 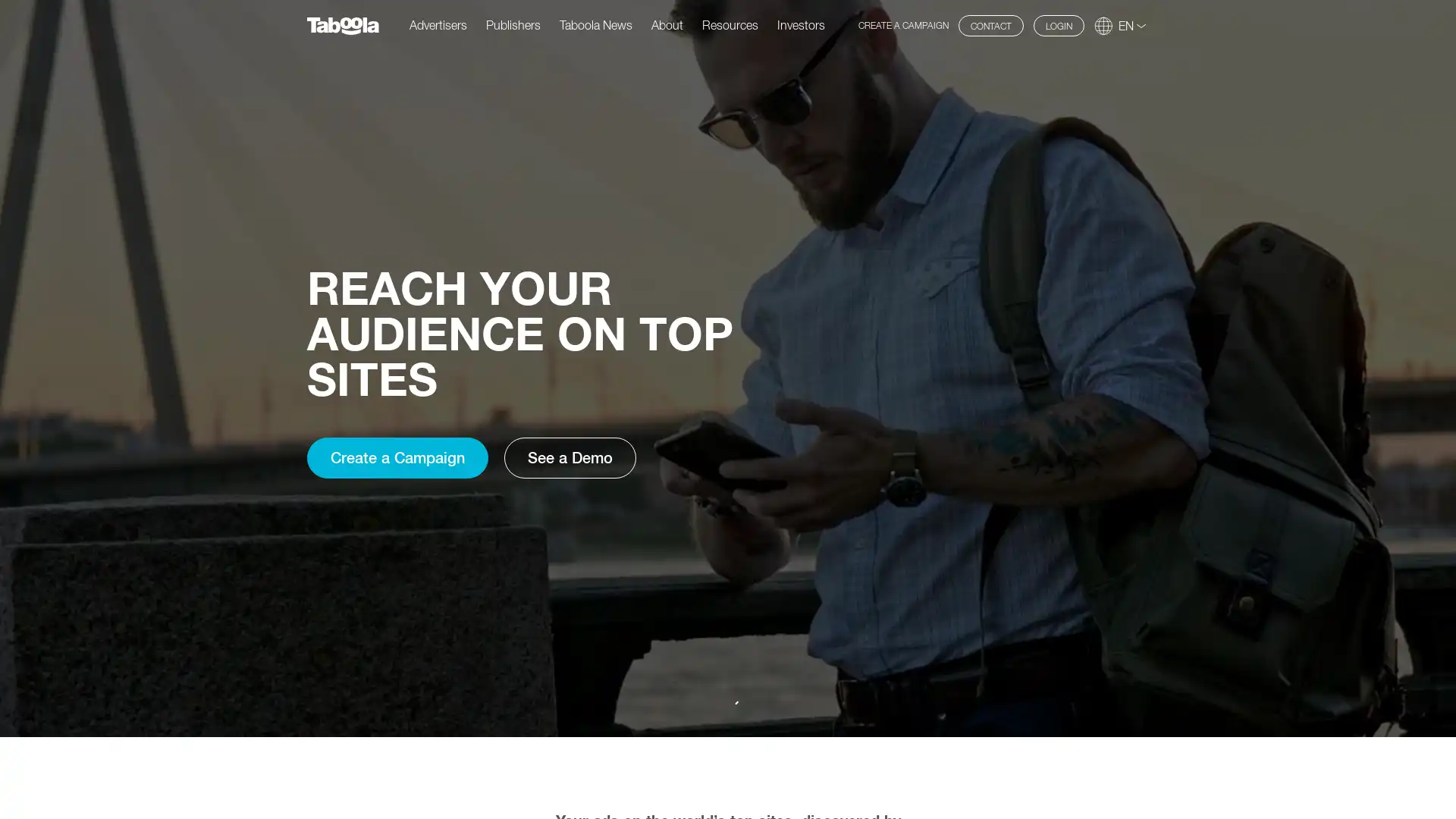 I want to click on Resources, so click(x=730, y=24).